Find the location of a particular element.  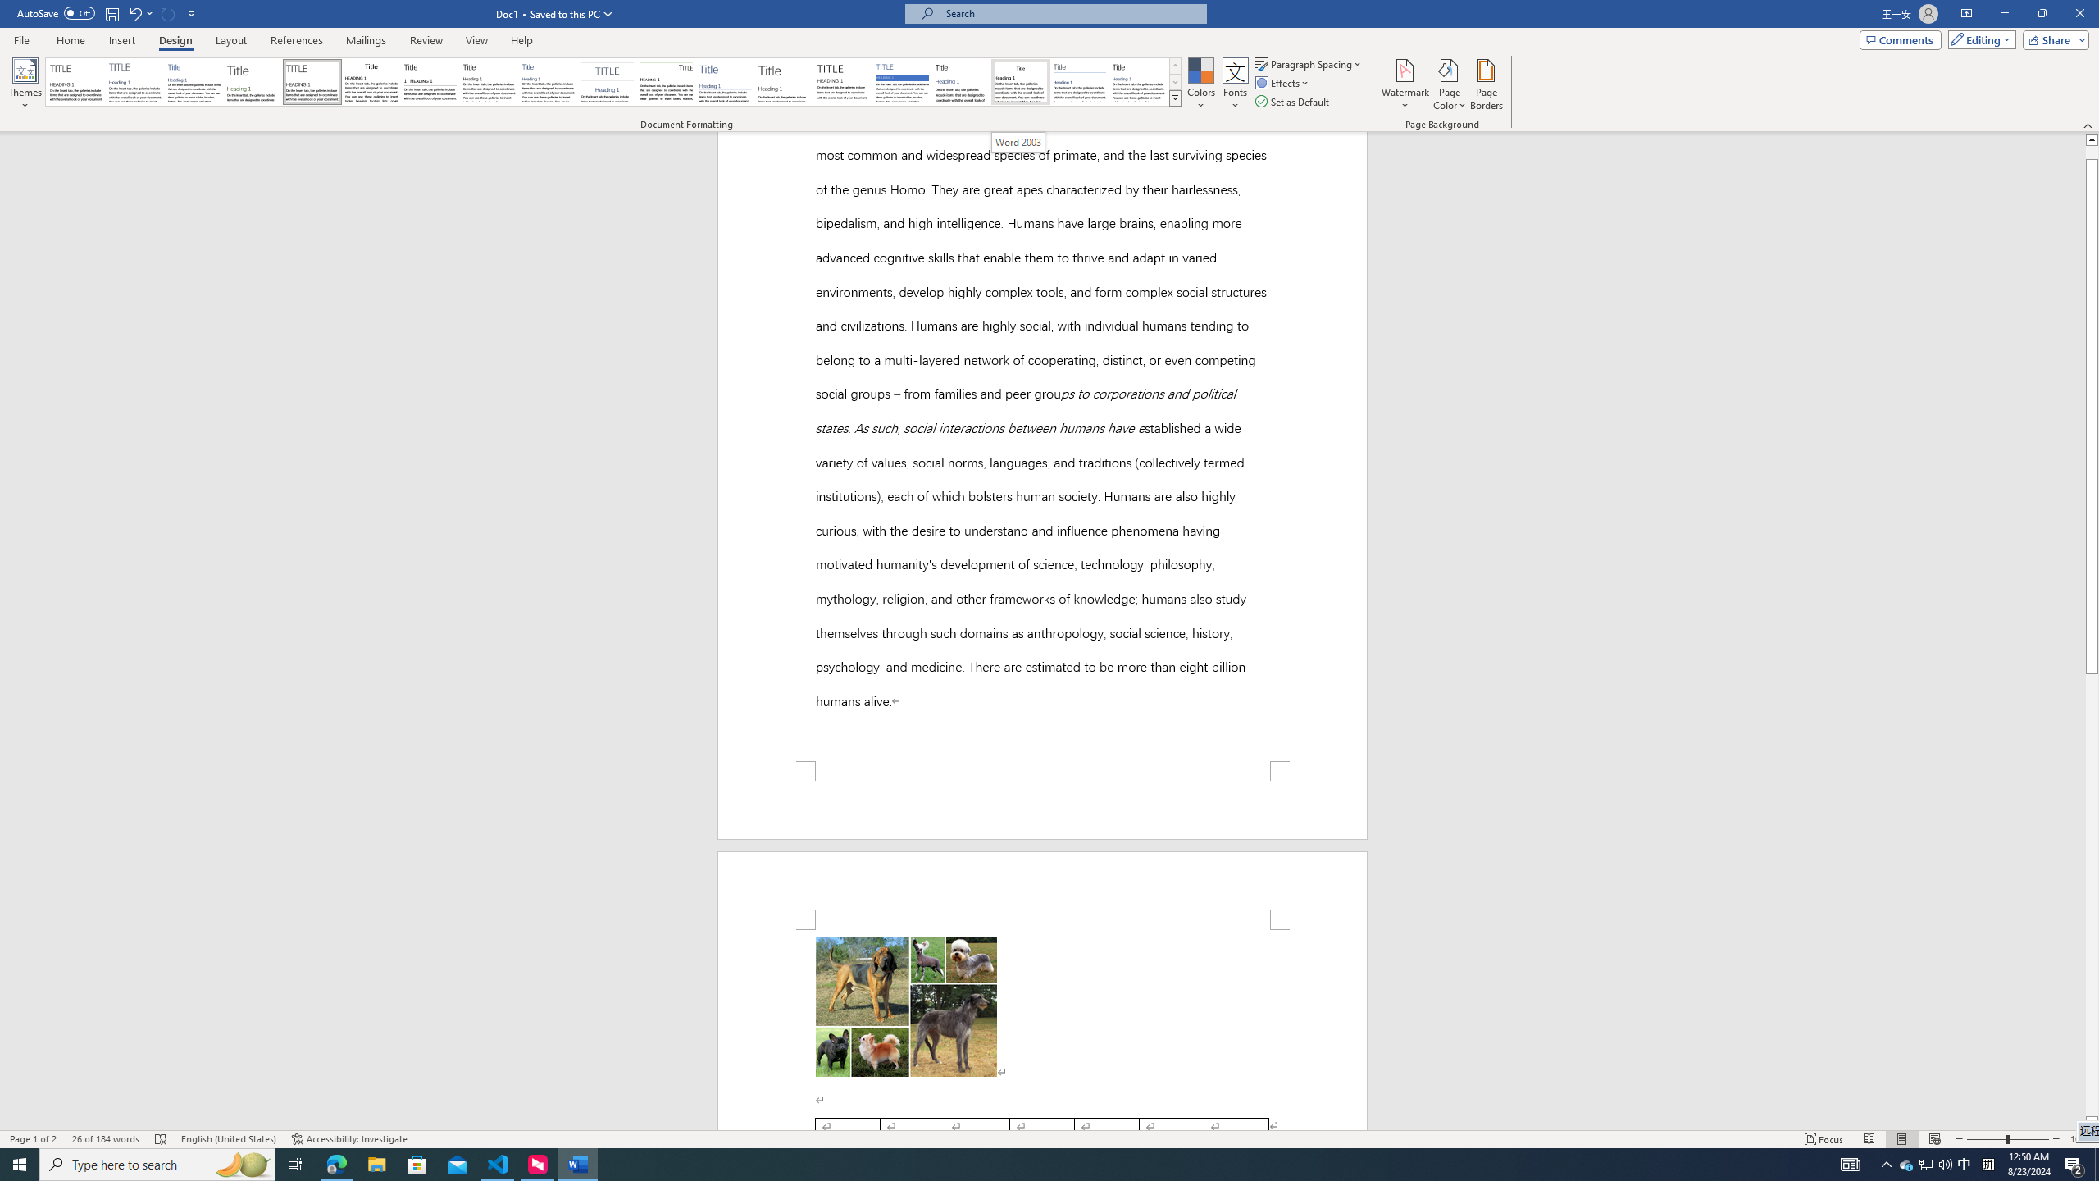

'Line up' is located at coordinates (2092, 138).